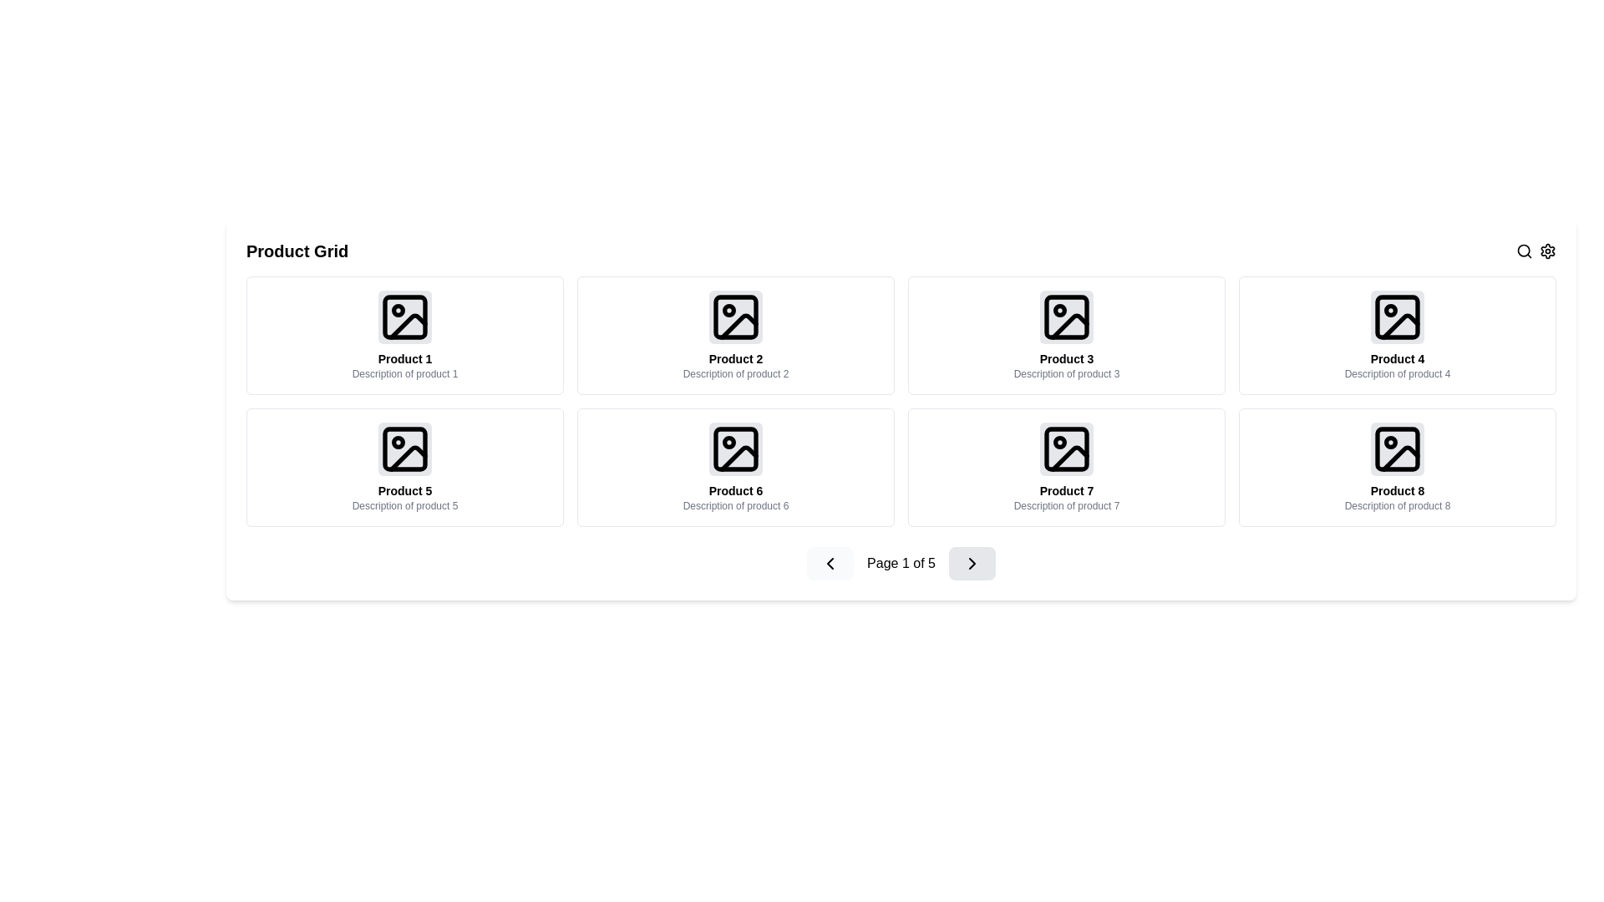  Describe the element at coordinates (1398, 448) in the screenshot. I see `the main icon representing 'Product 8' located in the fourth column of the second row in the grid layout to initiate an interaction` at that location.